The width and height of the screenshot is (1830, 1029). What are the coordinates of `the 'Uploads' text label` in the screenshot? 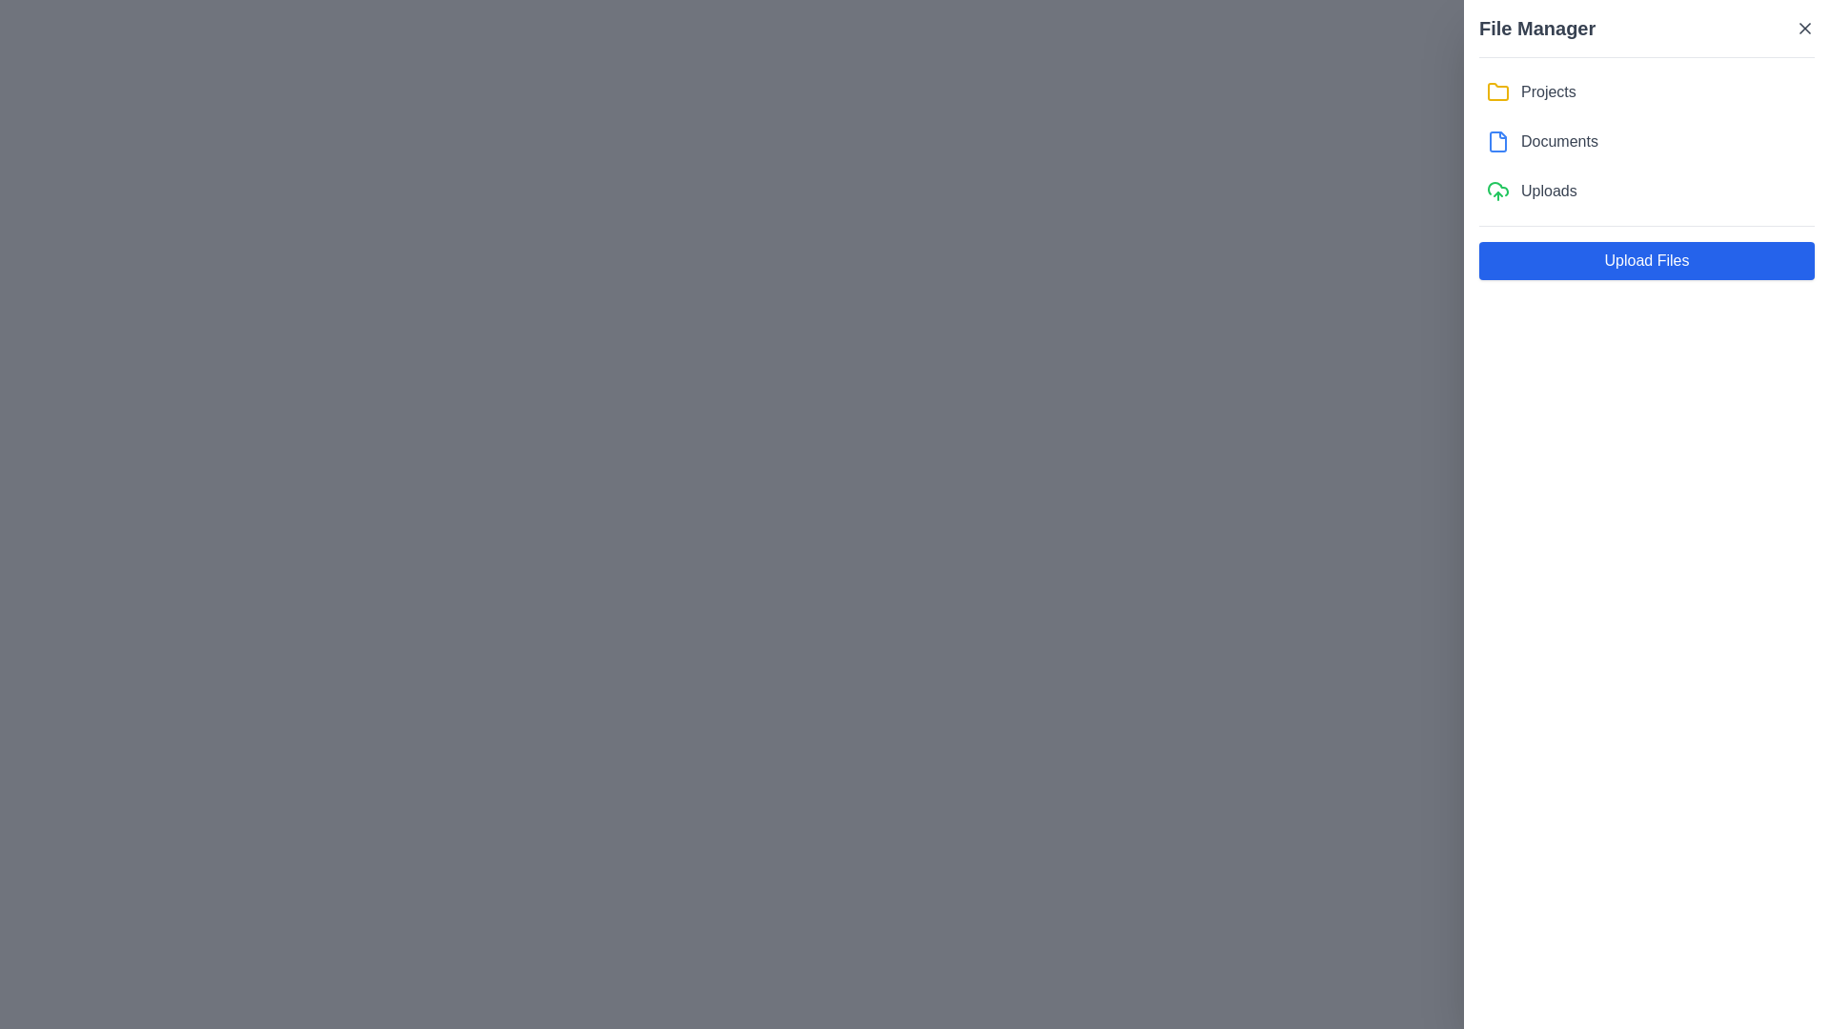 It's located at (1549, 191).